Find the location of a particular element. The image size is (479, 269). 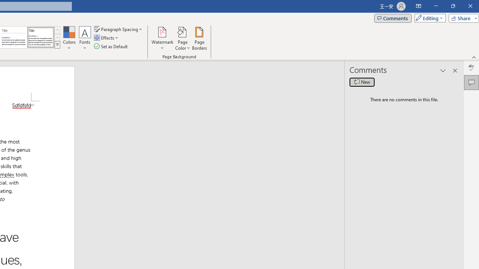

'Watermark' is located at coordinates (162, 38).